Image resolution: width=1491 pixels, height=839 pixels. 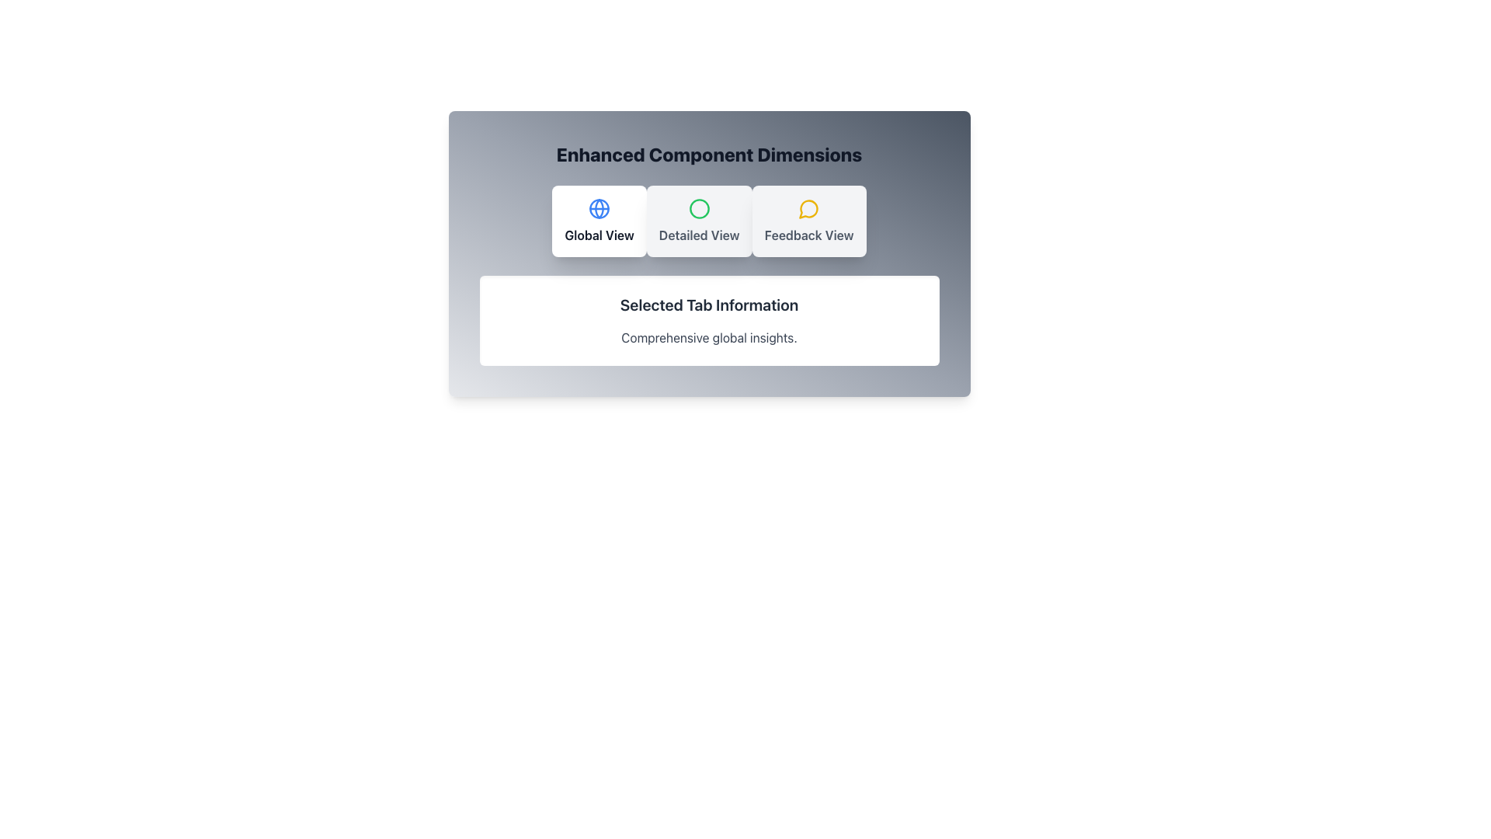 I want to click on the feedback-related icon located in the 'Feedback View' tab, so click(x=808, y=208).